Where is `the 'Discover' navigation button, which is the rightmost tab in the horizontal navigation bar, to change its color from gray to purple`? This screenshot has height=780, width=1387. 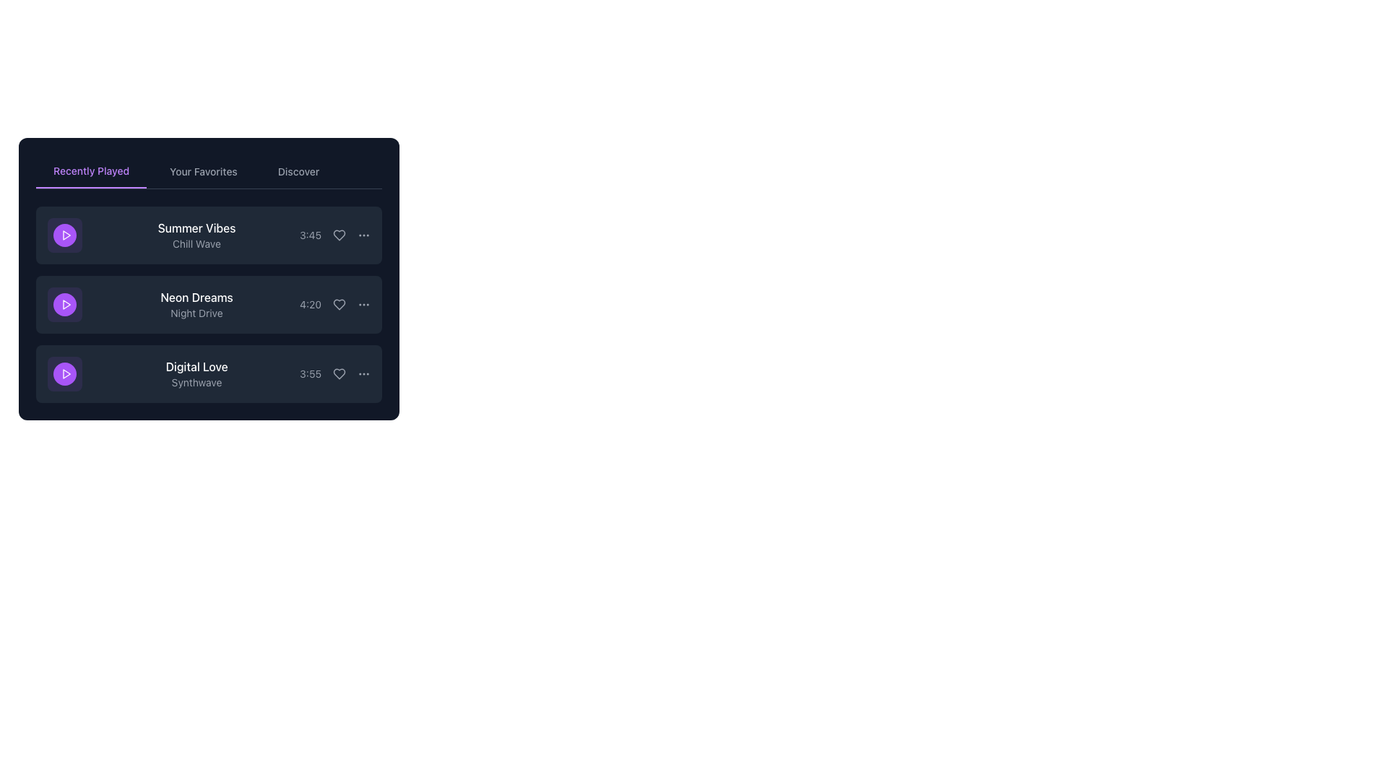
the 'Discover' navigation button, which is the rightmost tab in the horizontal navigation bar, to change its color from gray to purple is located at coordinates (298, 171).